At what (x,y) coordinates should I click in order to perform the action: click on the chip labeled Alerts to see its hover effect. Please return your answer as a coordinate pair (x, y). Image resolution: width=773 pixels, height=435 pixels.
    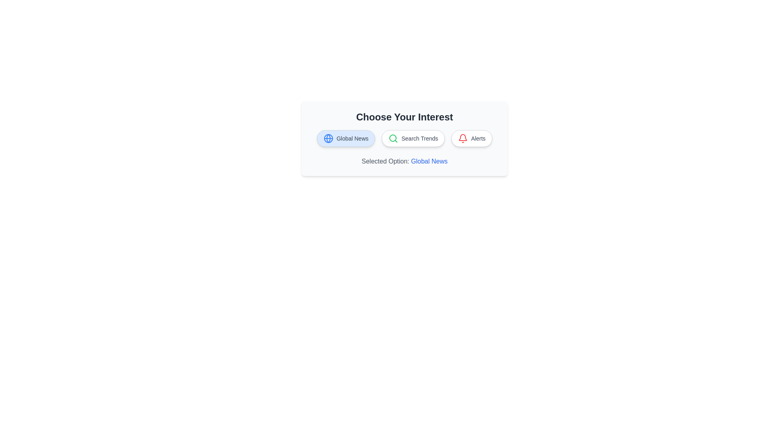
    Looking at the image, I should click on (472, 138).